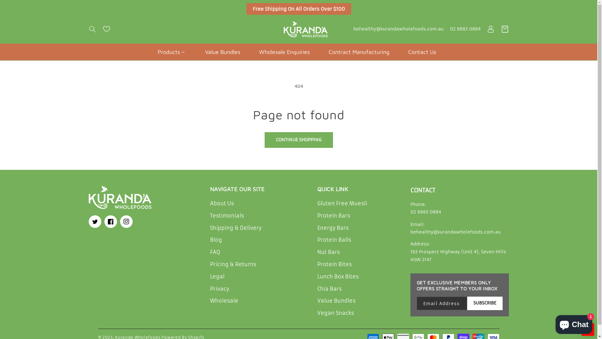 Image resolution: width=602 pixels, height=339 pixels. I want to click on 'Testimonials', so click(210, 215).